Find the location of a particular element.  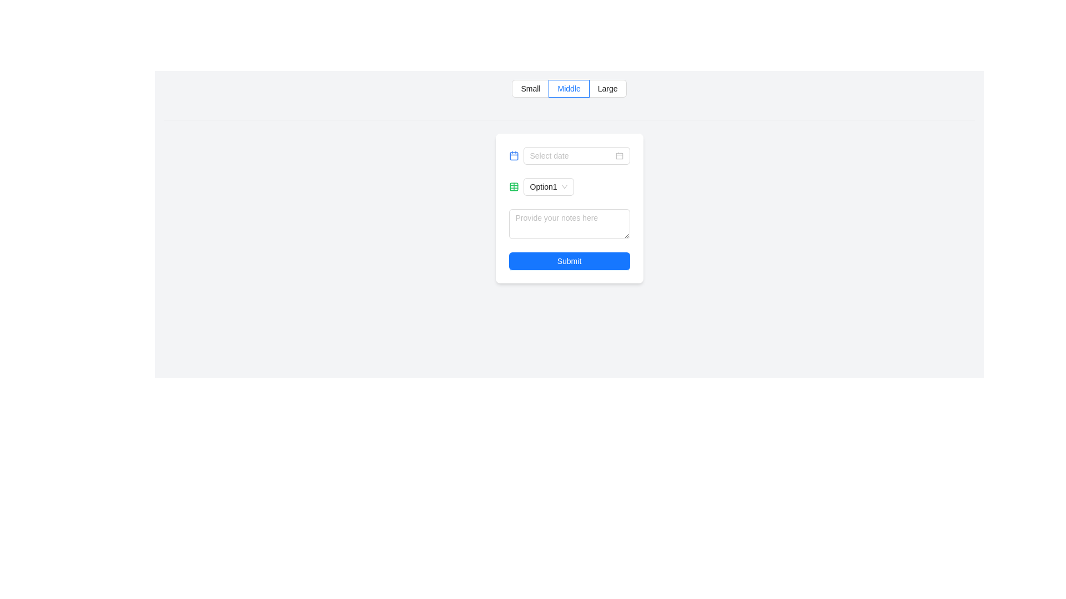

the clear date icon located to the far right of the 'Select date' input field in the date picker widget is located at coordinates (619, 156).